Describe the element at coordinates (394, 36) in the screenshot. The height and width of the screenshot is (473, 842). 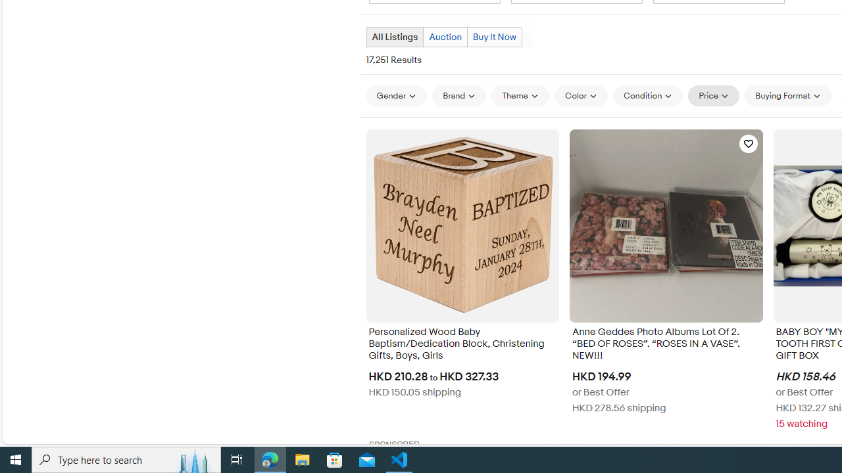
I see `'All Listings Current view'` at that location.